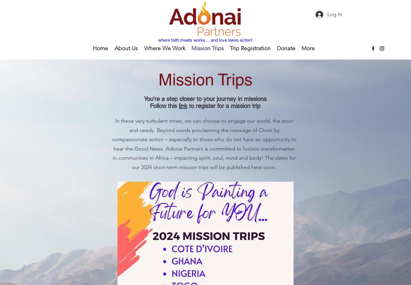  Describe the element at coordinates (100, 48) in the screenshot. I see `'Home'` at that location.